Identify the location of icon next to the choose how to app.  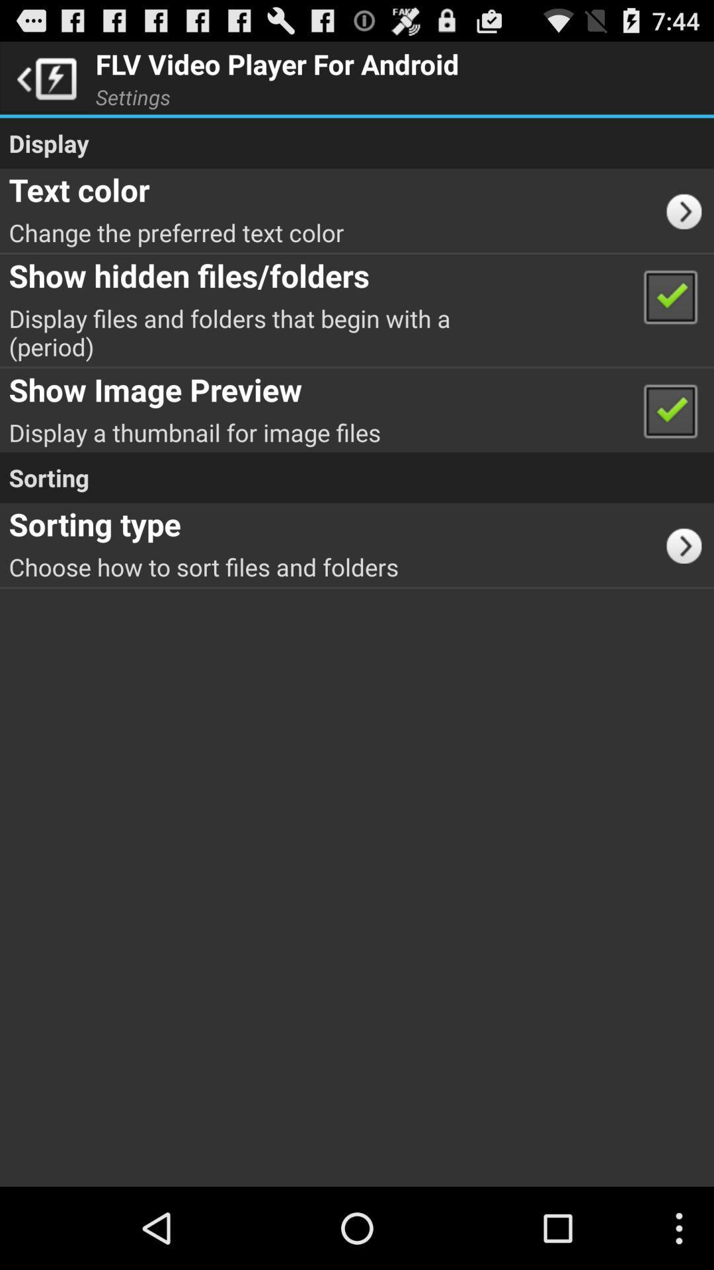
(688, 544).